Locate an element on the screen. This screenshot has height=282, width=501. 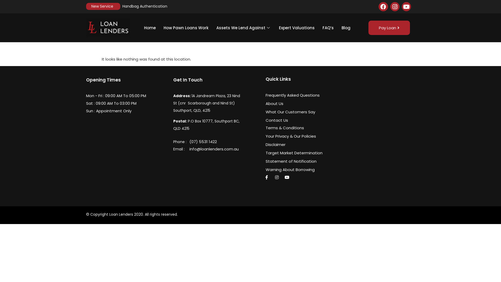
'How Pawn Loans Work' is located at coordinates (159, 27).